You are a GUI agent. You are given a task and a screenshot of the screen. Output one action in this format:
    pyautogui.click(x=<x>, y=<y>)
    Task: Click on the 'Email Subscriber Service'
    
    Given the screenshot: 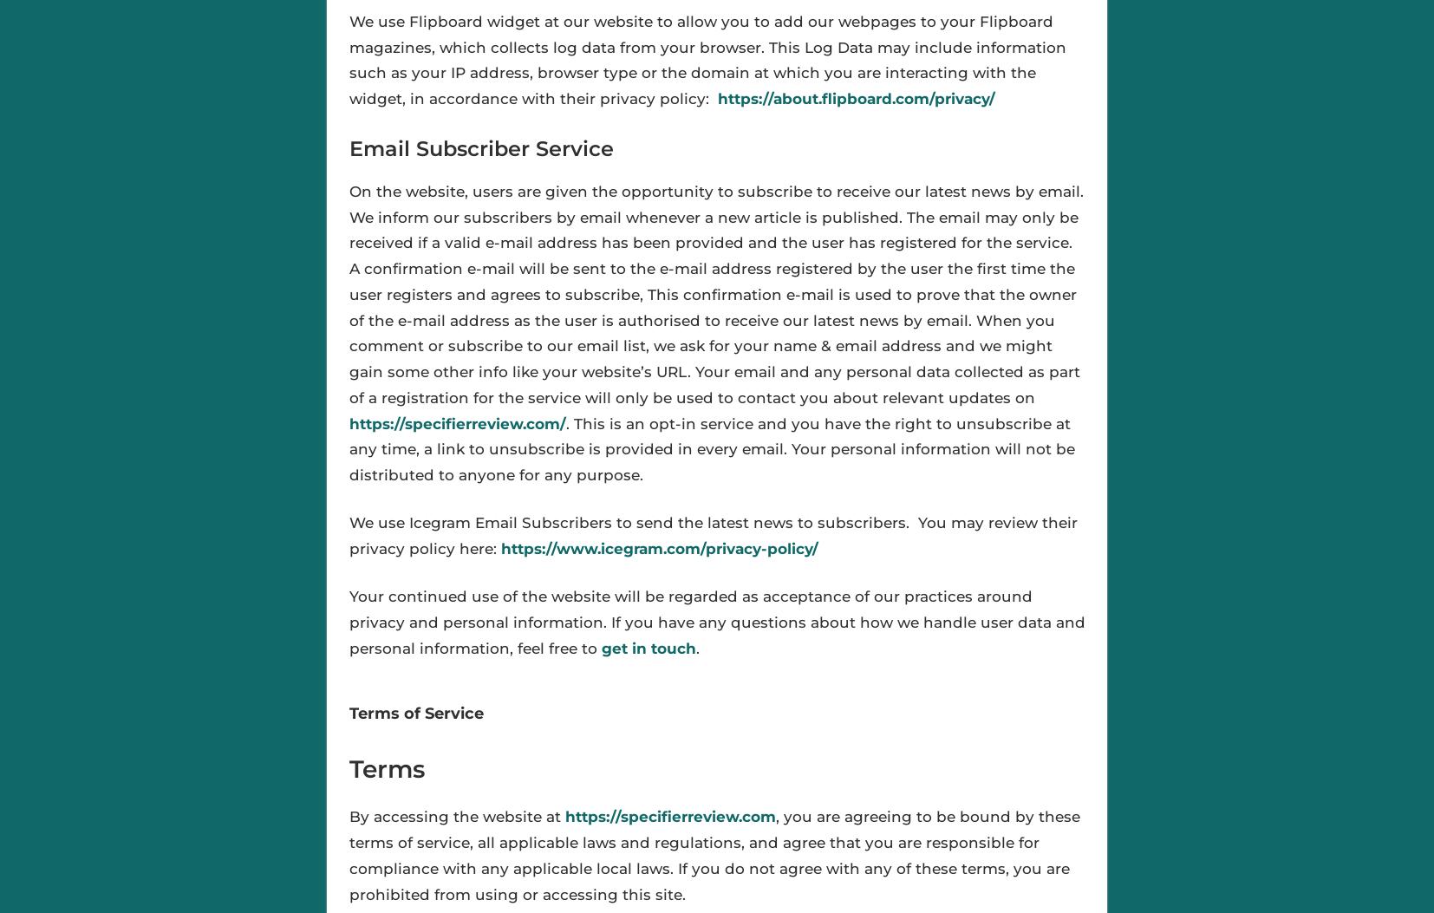 What is the action you would take?
    pyautogui.click(x=480, y=147)
    